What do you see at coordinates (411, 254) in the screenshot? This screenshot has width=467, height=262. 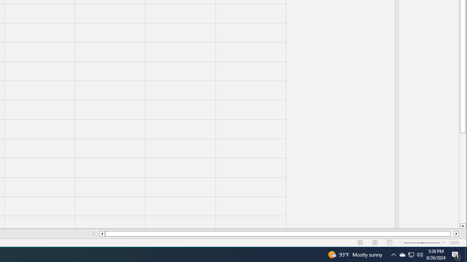 I see `'User Promoted Notification Area'` at bounding box center [411, 254].